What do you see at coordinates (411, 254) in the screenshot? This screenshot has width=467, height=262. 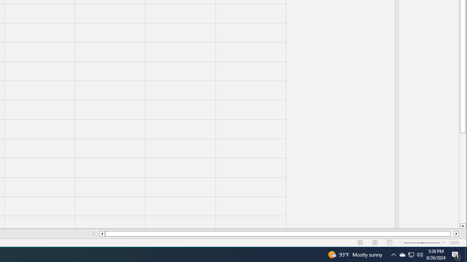 I see `'User Promoted Notification Area'` at bounding box center [411, 254].